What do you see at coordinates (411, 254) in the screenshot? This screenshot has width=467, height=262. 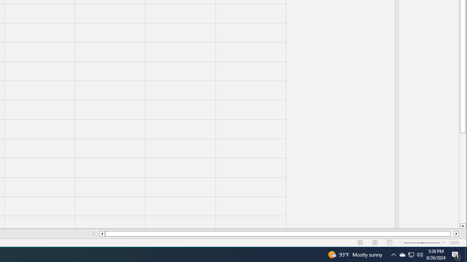 I see `'User Promoted Notification Area'` at bounding box center [411, 254].